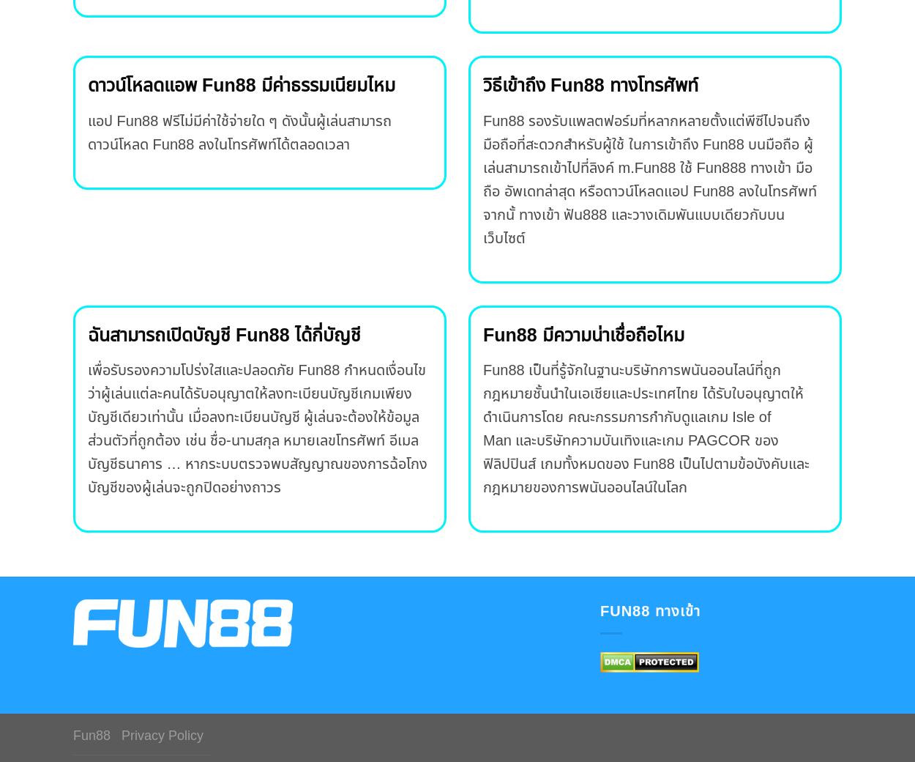 This screenshot has width=915, height=762. Describe the element at coordinates (87, 334) in the screenshot. I see `'ฉันสามารถเปิดบัญชี Fun88 ได้กี่บัญชี'` at that location.